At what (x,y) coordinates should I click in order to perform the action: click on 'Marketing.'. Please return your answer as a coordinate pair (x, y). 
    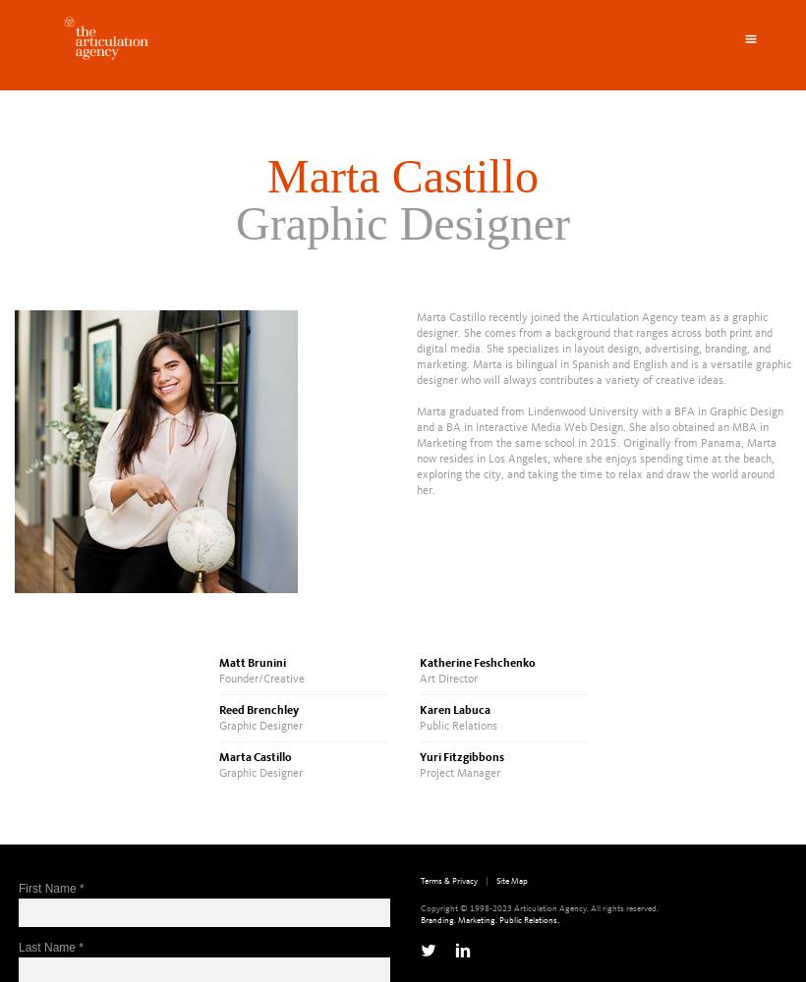
    Looking at the image, I should click on (477, 919).